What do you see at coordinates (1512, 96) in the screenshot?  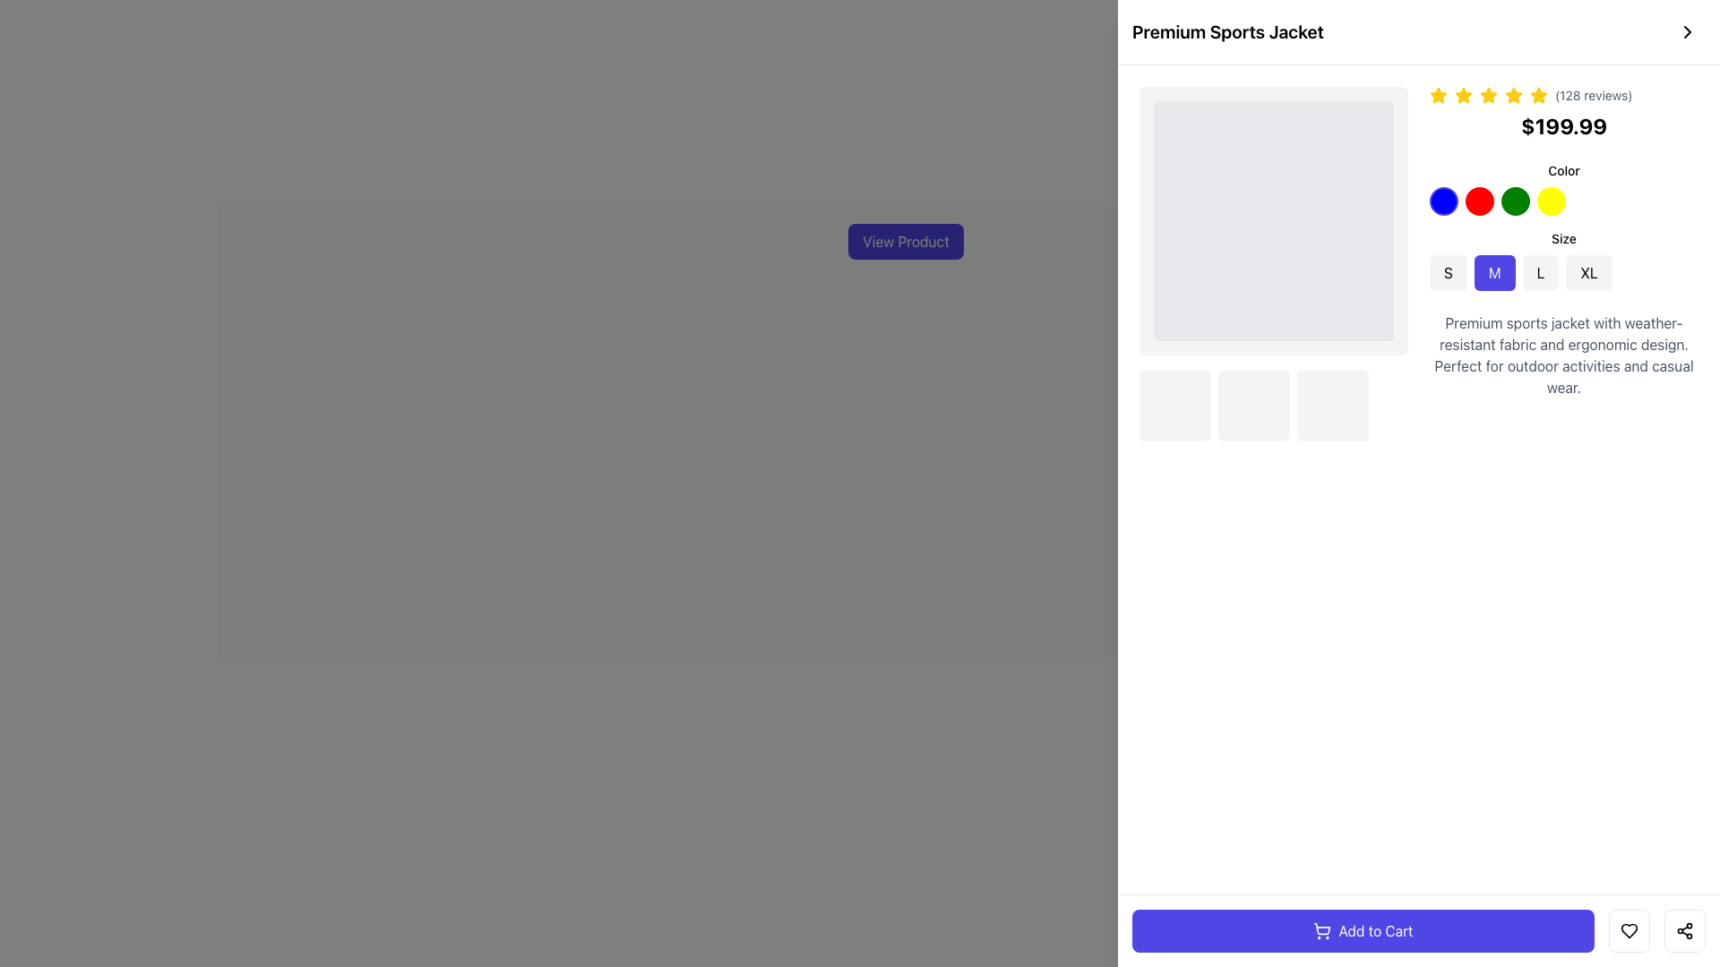 I see `the fifth star icon in the rating system, which is yellow and has a slight shadow effect, to register a rating` at bounding box center [1512, 96].